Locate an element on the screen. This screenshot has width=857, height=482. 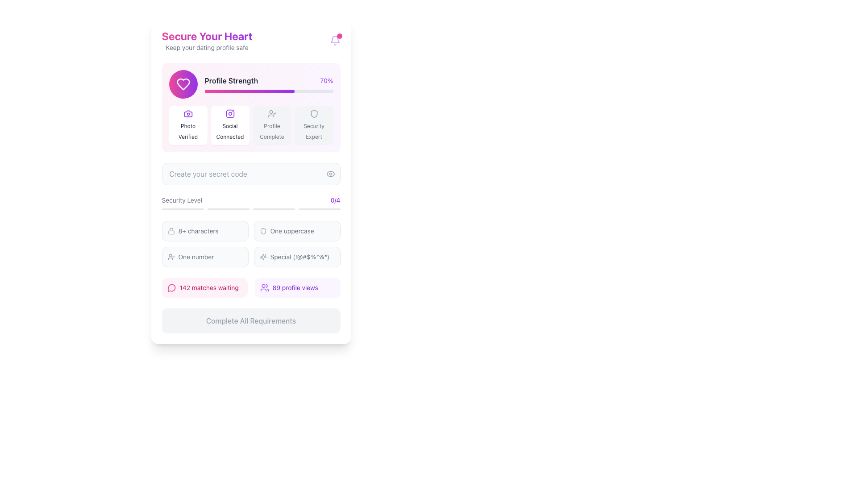
the Text label that indicates the current security level status, which is located in the far-right portion of the horizontal section labeled 'Security Level' is located at coordinates (335, 199).